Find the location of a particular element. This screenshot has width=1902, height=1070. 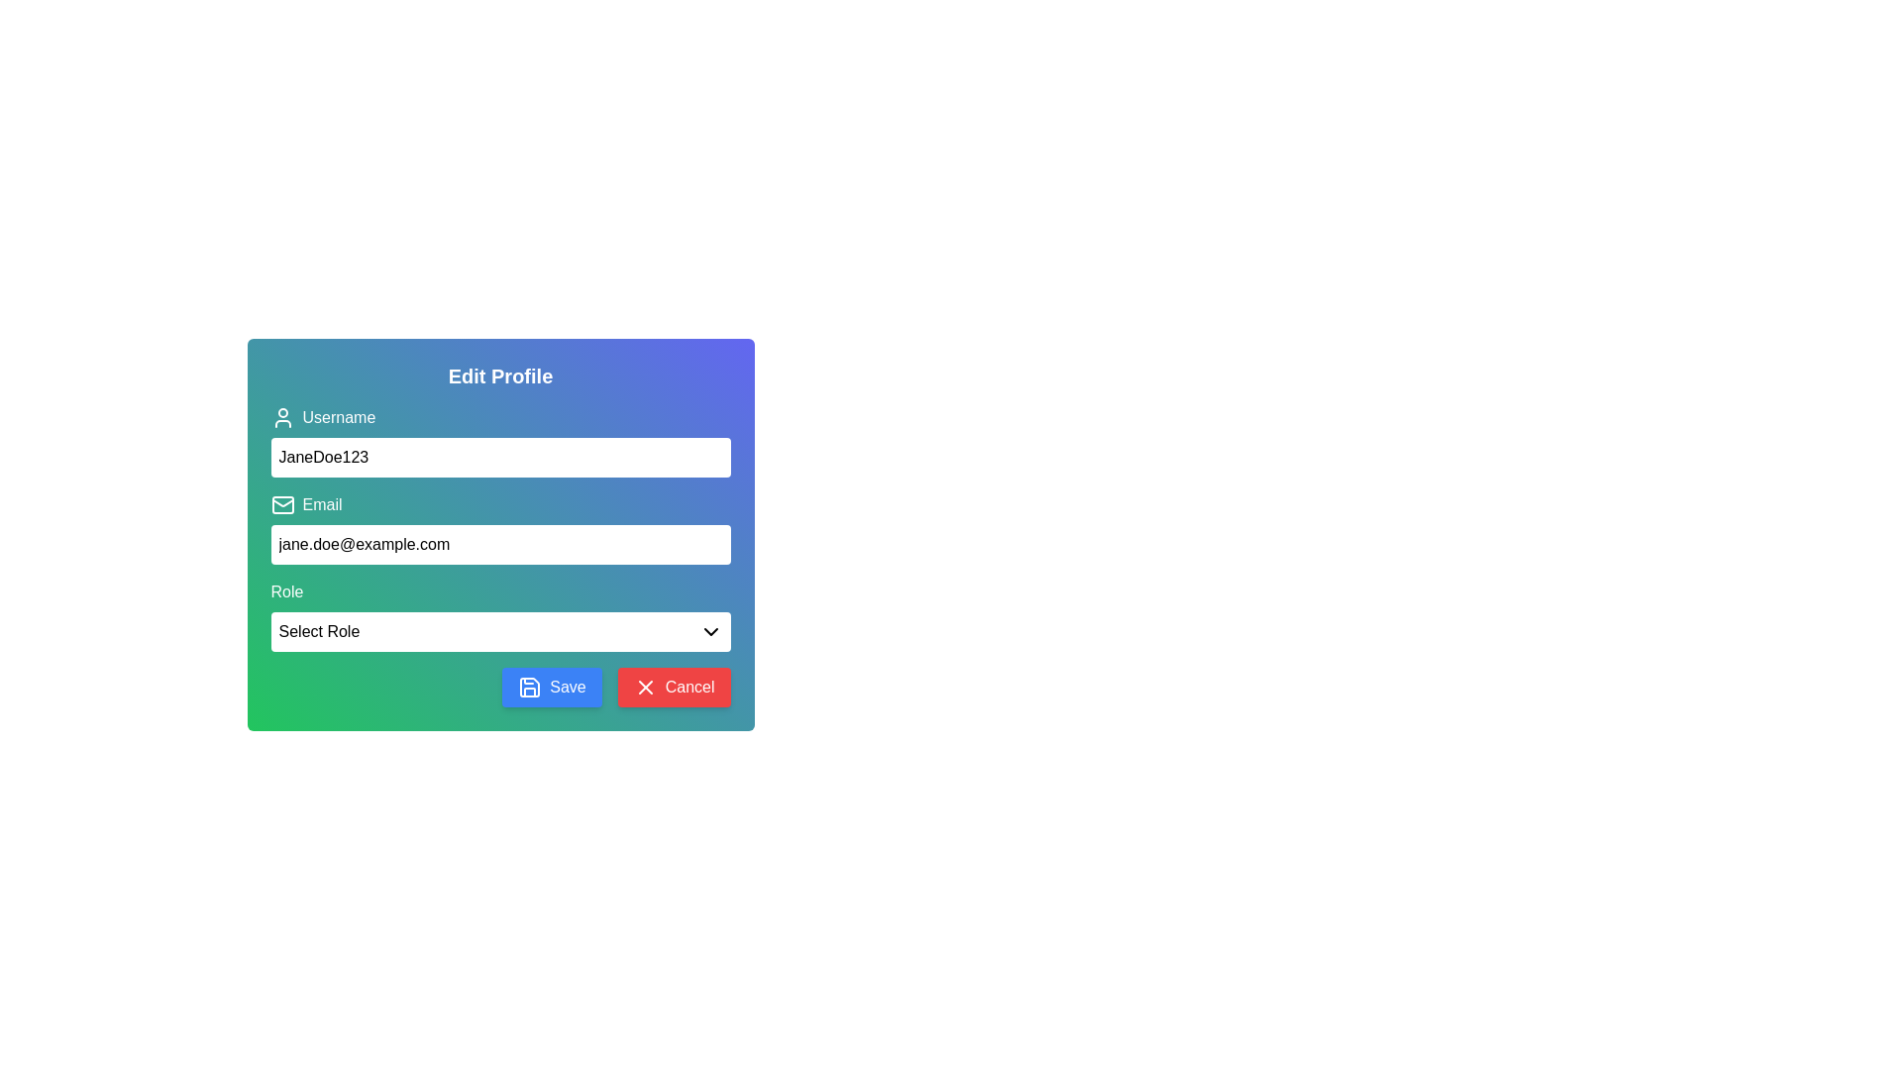

the 'Save' button, which is visually identified by the save icon is located at coordinates (529, 687).